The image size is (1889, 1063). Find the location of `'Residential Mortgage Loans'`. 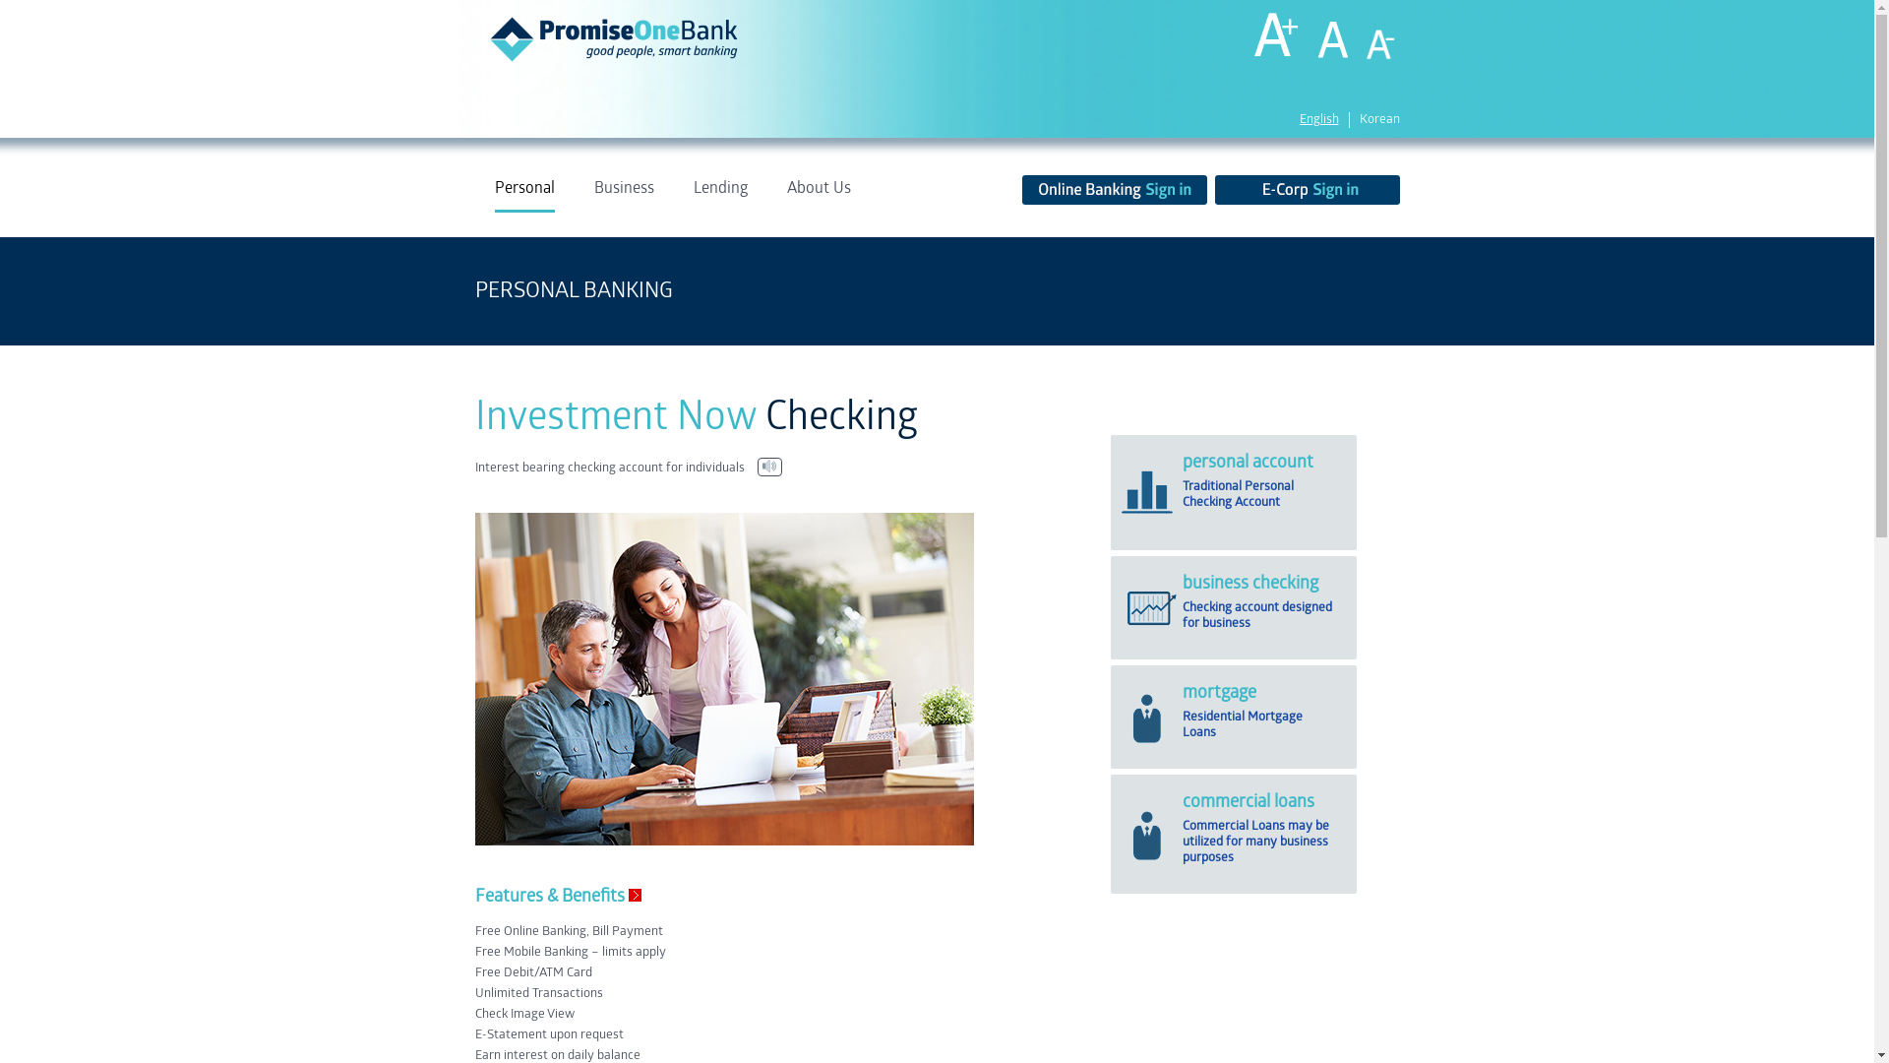

'Residential Mortgage Loans' is located at coordinates (1241, 724).